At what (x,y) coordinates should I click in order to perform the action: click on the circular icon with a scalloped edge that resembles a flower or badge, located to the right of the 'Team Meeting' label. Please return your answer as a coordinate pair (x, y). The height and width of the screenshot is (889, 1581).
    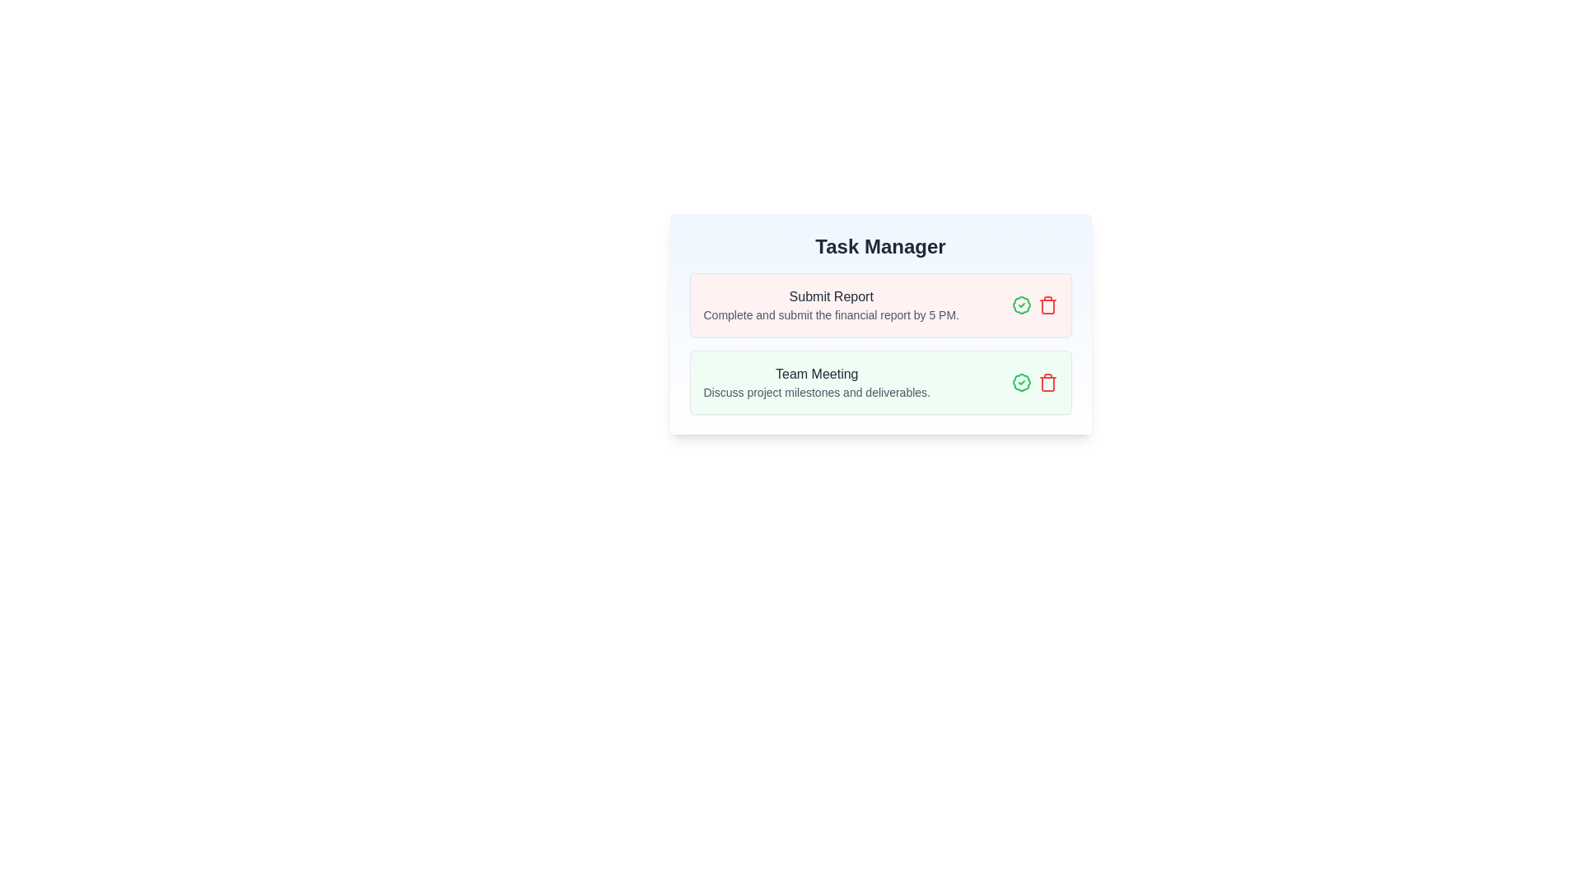
    Looking at the image, I should click on (1020, 305).